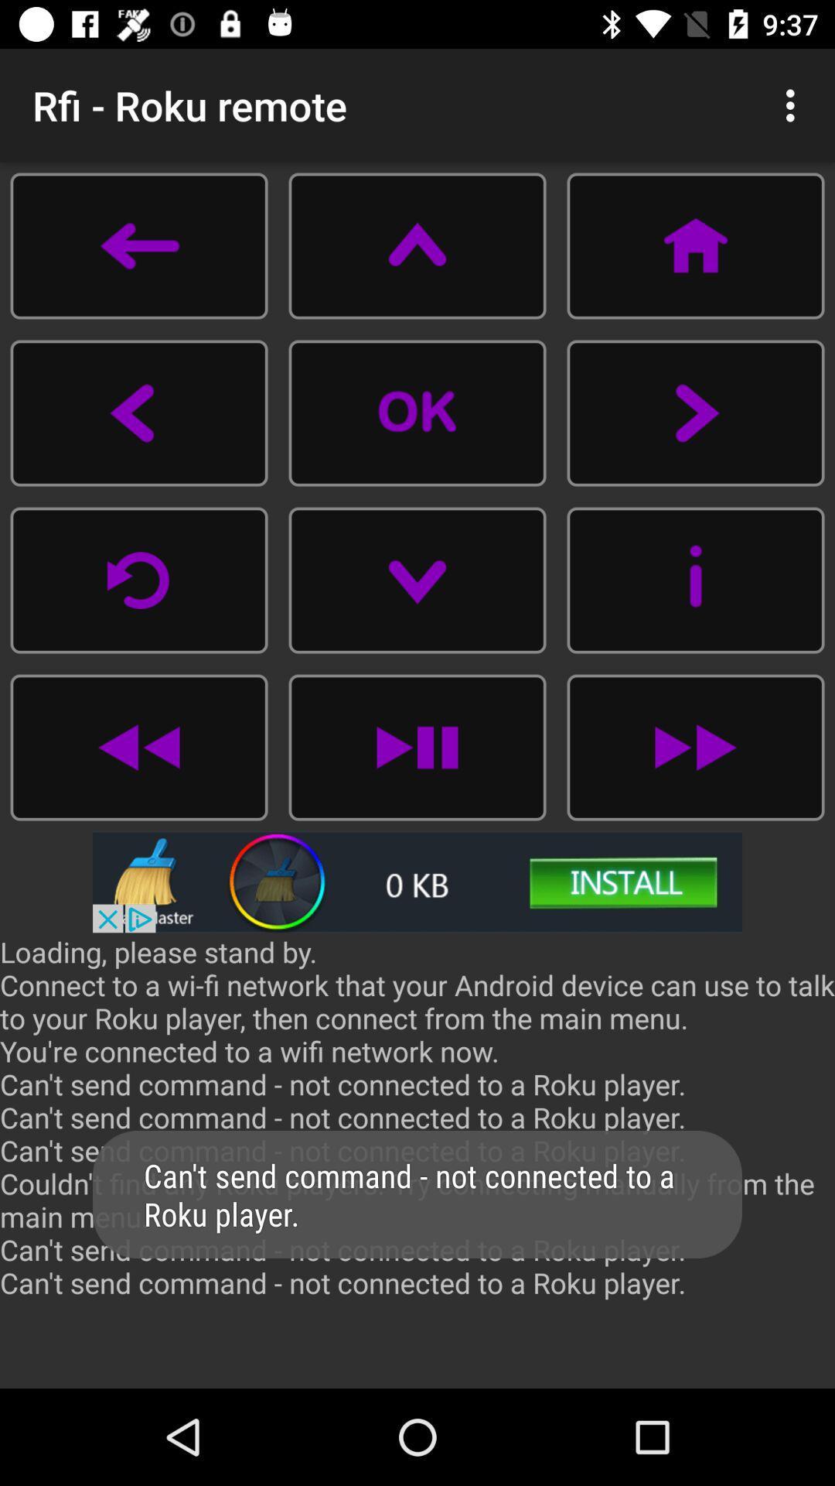 Image resolution: width=835 pixels, height=1486 pixels. Describe the element at coordinates (417, 747) in the screenshot. I see `check to pay option` at that location.